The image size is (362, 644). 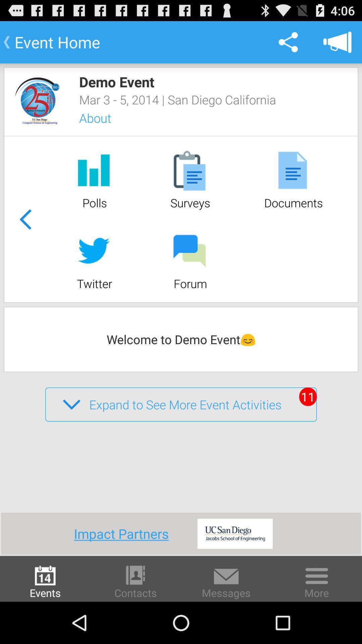 What do you see at coordinates (104, 118) in the screenshot?
I see `the about icon` at bounding box center [104, 118].